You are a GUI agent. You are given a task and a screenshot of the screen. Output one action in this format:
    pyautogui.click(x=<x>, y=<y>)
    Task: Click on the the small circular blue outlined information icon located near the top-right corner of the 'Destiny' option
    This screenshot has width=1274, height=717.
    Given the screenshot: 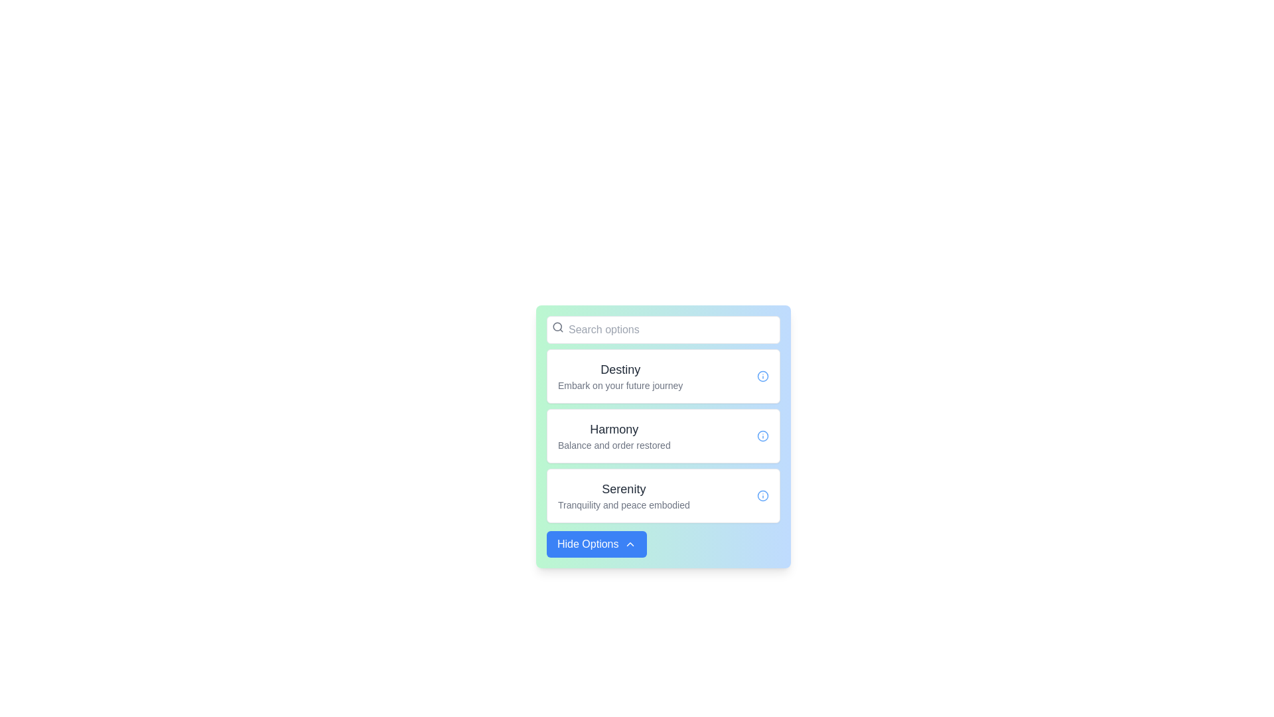 What is the action you would take?
    pyautogui.click(x=763, y=376)
    